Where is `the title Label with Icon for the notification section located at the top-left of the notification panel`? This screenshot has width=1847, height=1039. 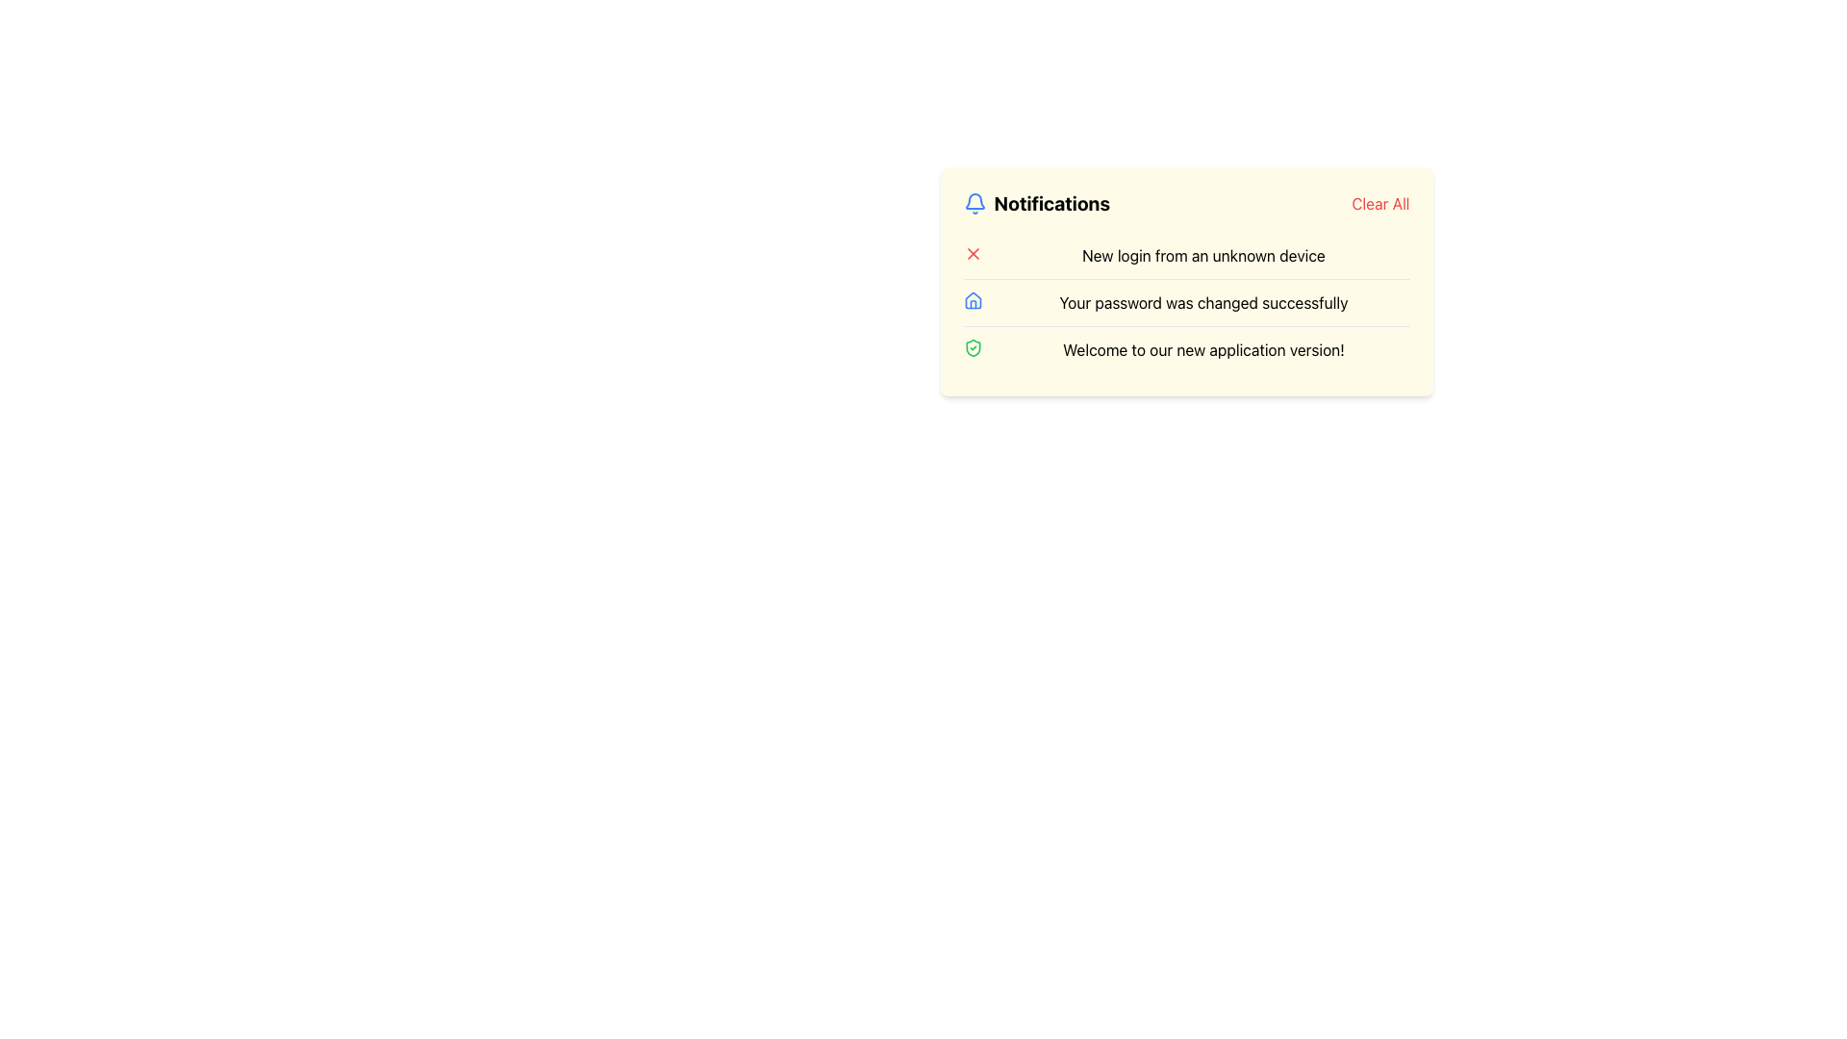 the title Label with Icon for the notification section located at the top-left of the notification panel is located at coordinates (1035, 204).